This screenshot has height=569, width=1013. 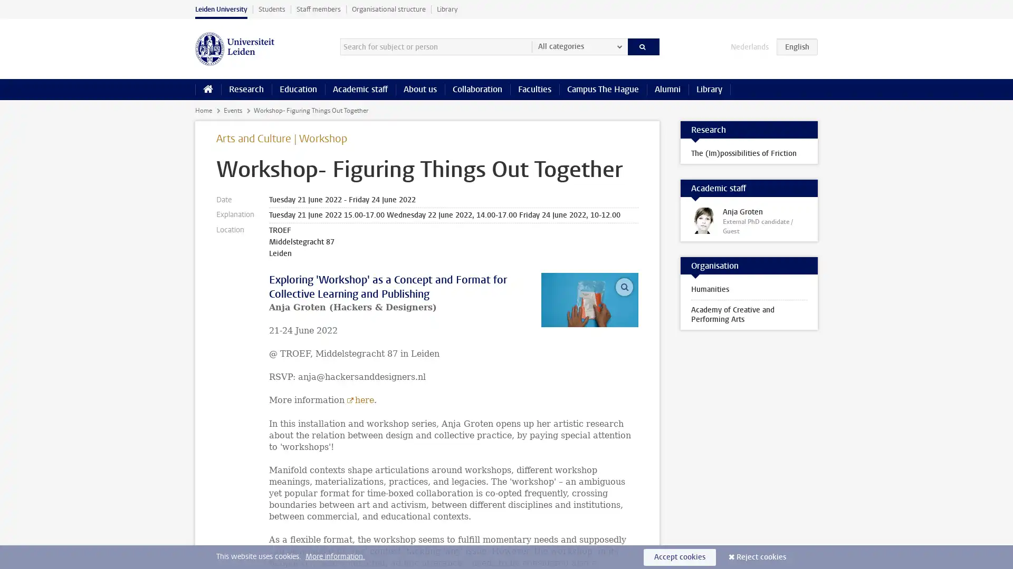 What do you see at coordinates (579, 46) in the screenshot?
I see `All categories` at bounding box center [579, 46].